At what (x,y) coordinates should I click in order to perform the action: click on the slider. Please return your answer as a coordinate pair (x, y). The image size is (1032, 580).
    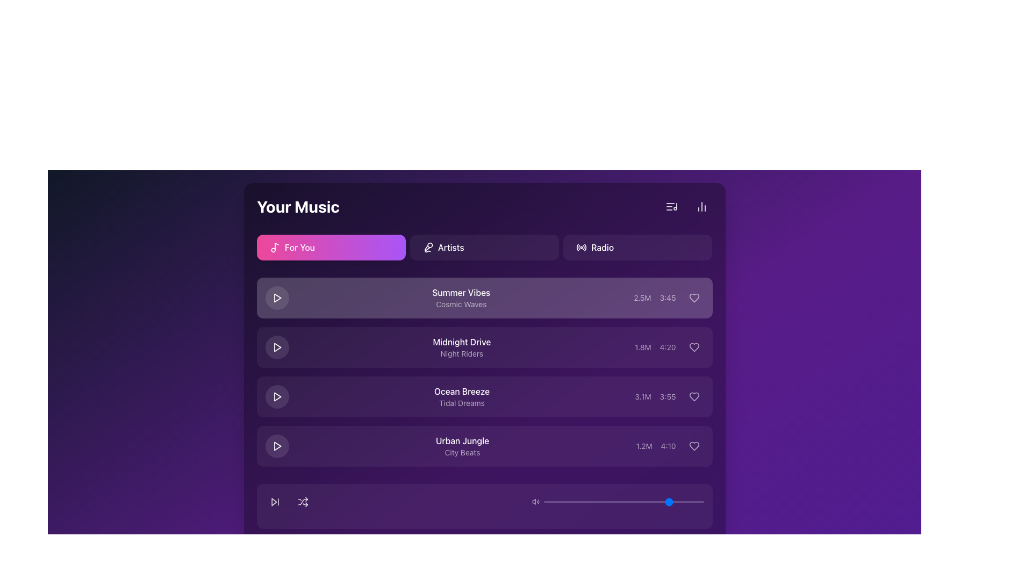
    Looking at the image, I should click on (679, 502).